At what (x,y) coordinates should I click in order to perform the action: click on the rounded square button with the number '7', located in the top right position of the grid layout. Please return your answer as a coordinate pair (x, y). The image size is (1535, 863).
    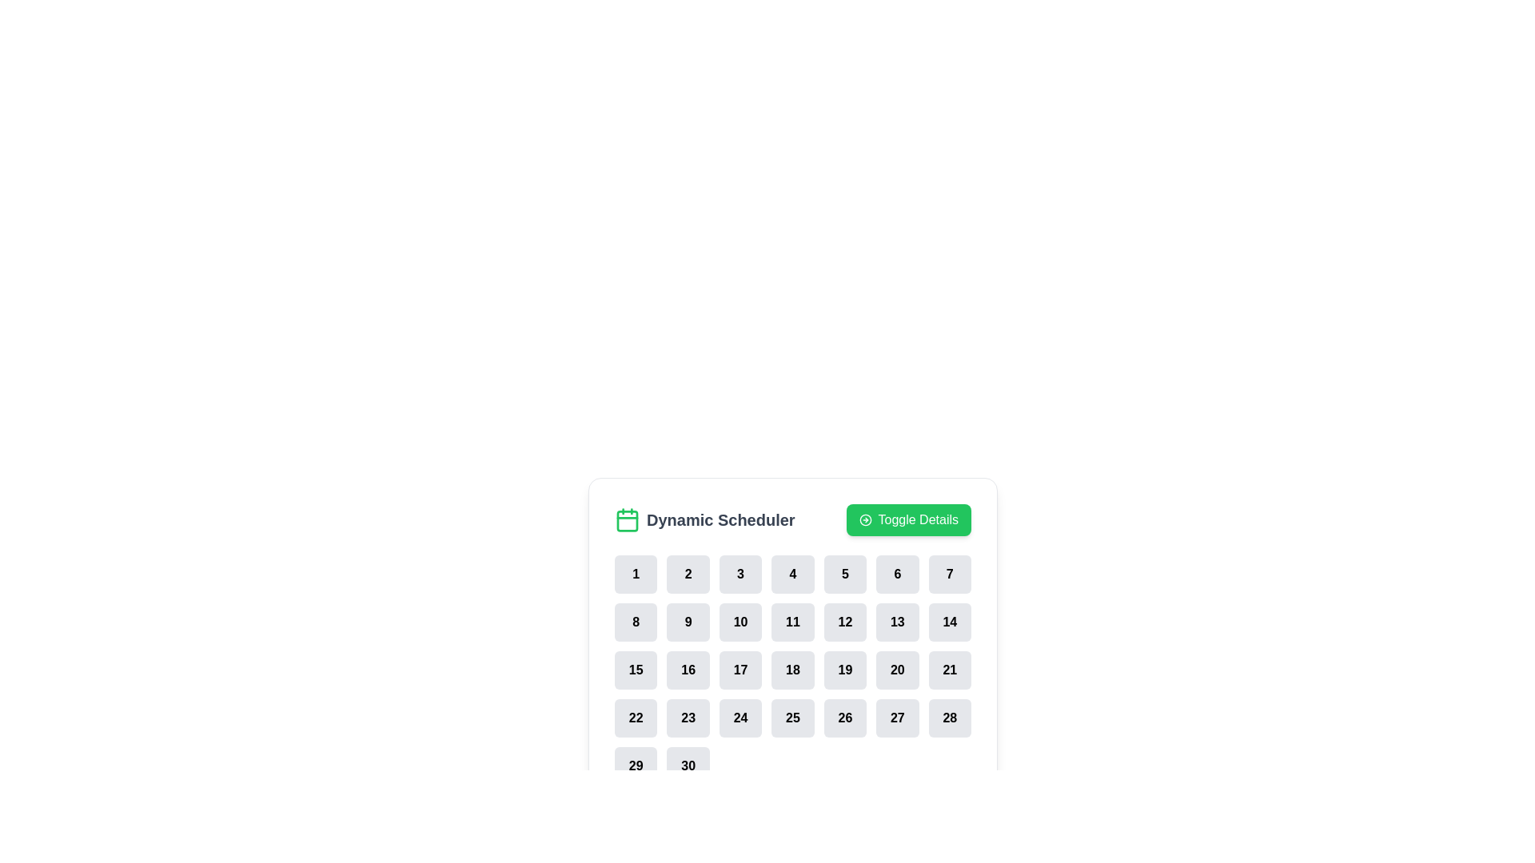
    Looking at the image, I should click on (950, 573).